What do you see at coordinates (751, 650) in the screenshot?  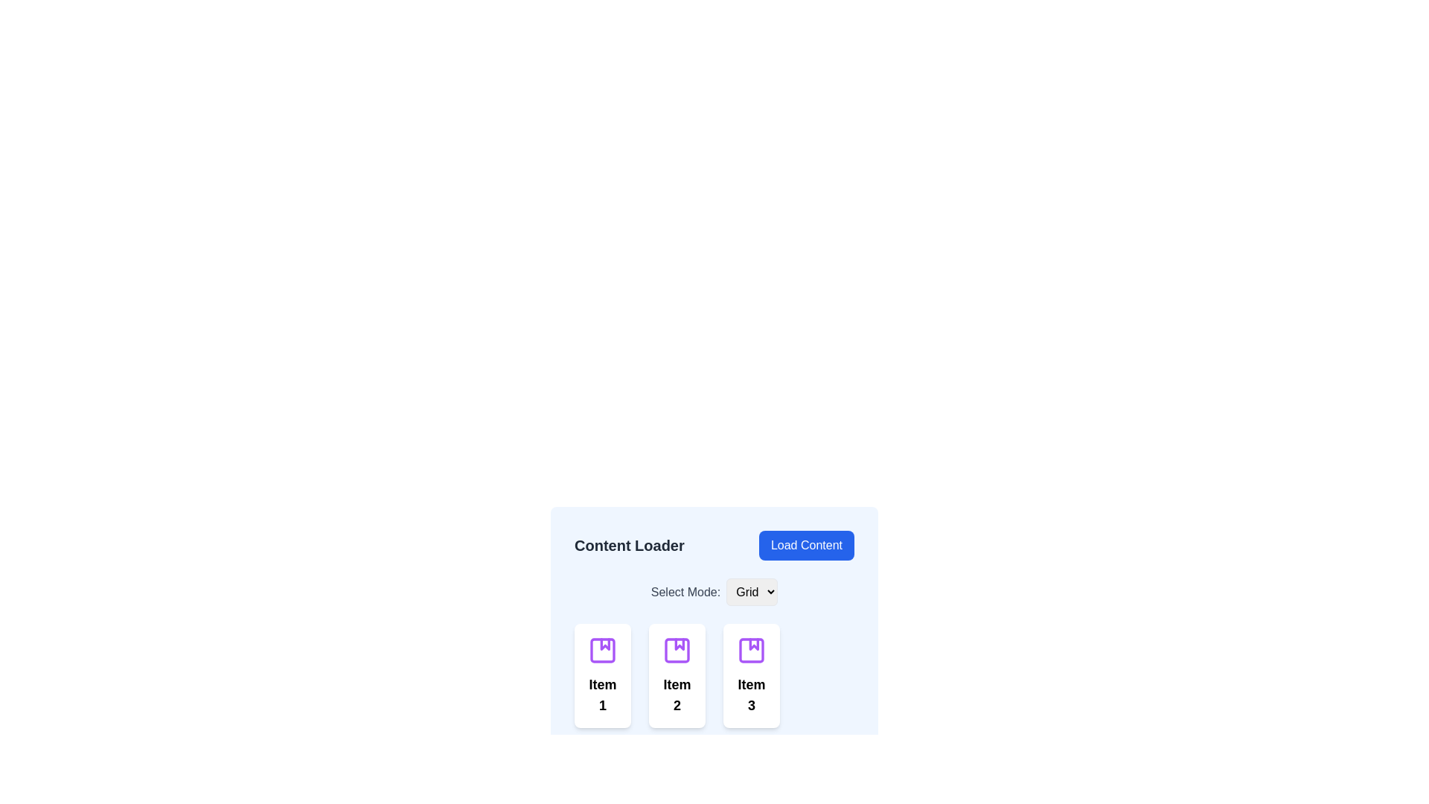 I see `the surrounding folder icon that contains the decorative rectangle within the third folder-like icon in the 'Content Loader' section` at bounding box center [751, 650].